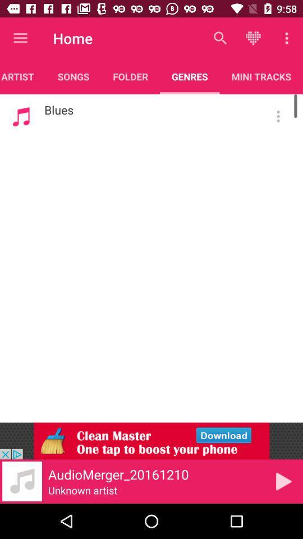  What do you see at coordinates (283, 481) in the screenshot?
I see `the play icon` at bounding box center [283, 481].